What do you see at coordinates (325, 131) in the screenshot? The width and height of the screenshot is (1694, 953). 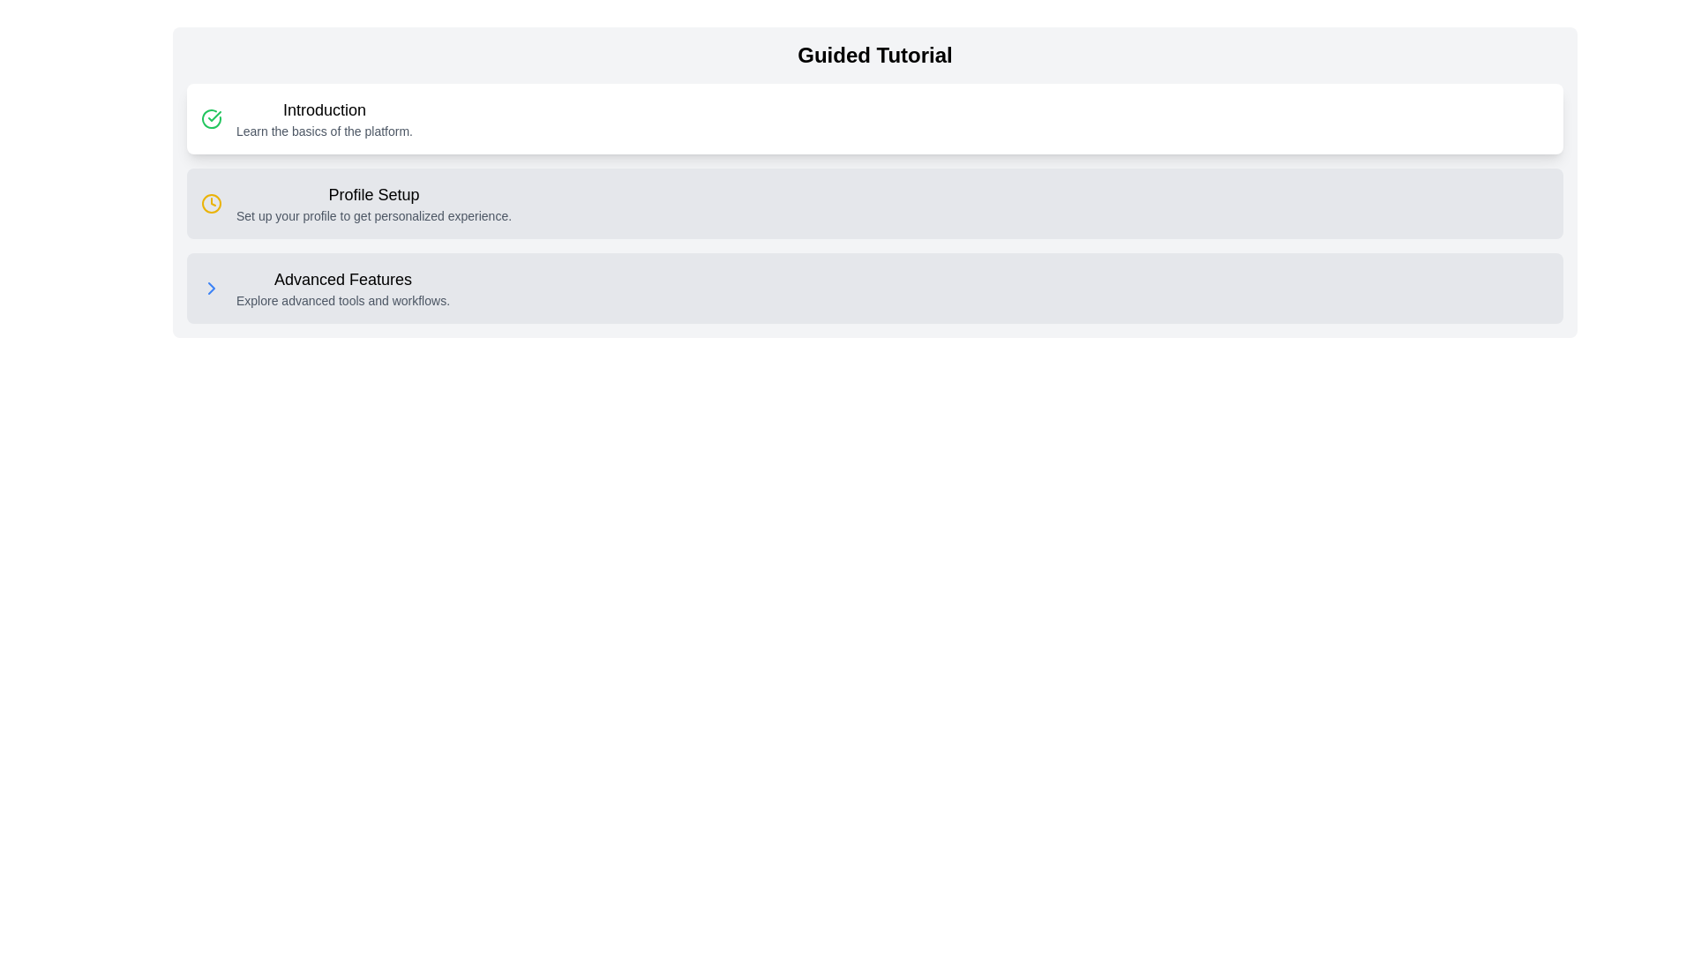 I see `the text element styled in a smaller, gray font that reads 'Learn the basics of the platform.' located beneath the 'Introduction' heading in the 'Guided Tutorial' section` at bounding box center [325, 131].